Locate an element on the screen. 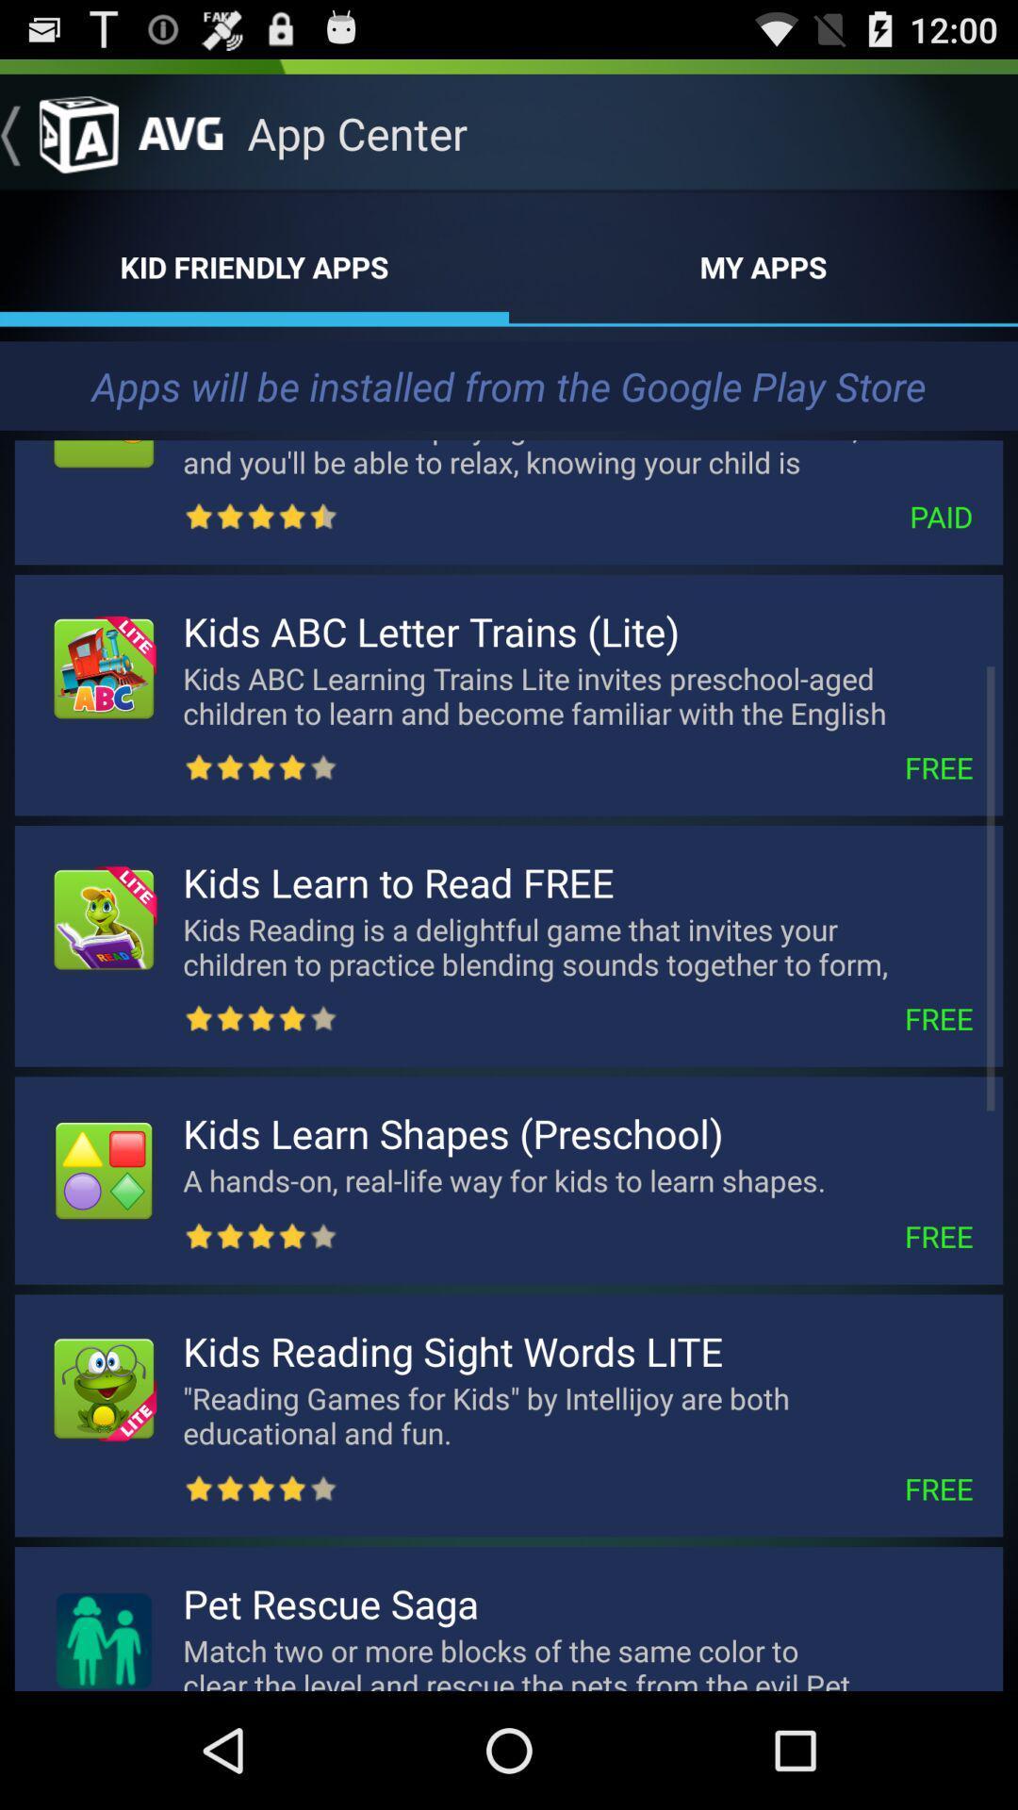 Image resolution: width=1018 pixels, height=1810 pixels. the text avg left to the app center is located at coordinates (180, 125).